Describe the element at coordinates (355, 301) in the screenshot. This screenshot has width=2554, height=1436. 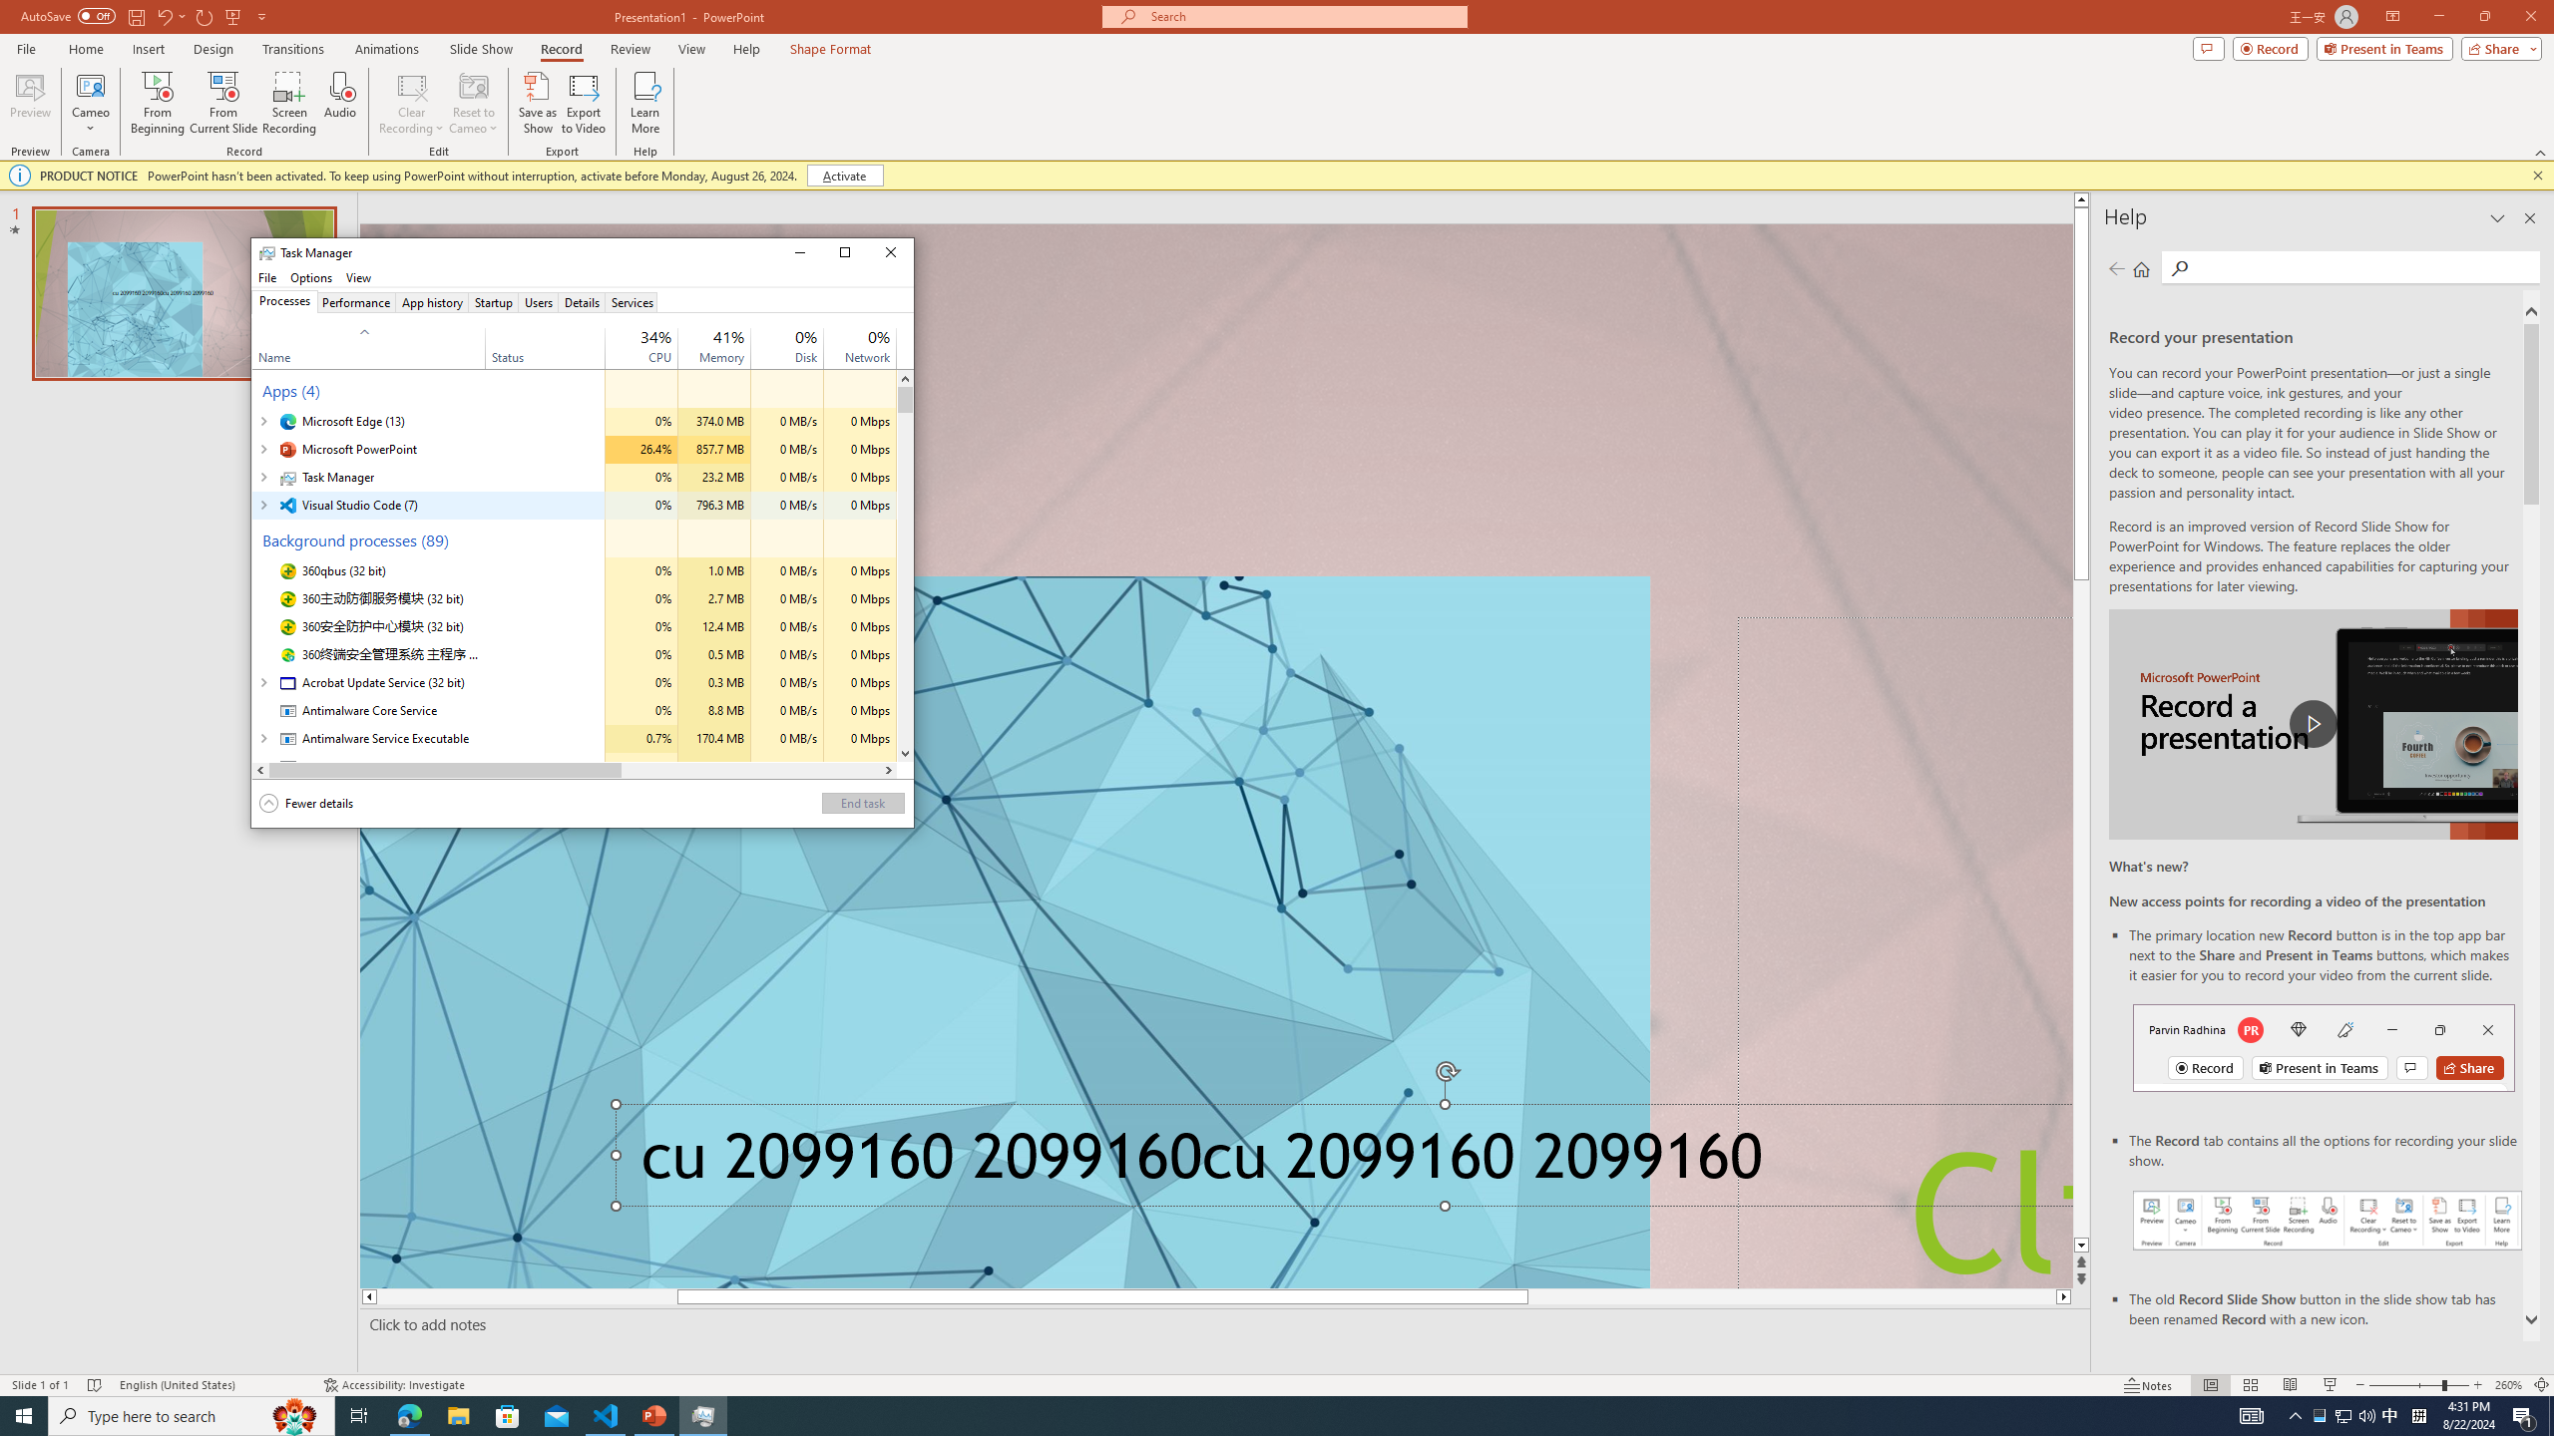
I see `'Performance'` at that location.